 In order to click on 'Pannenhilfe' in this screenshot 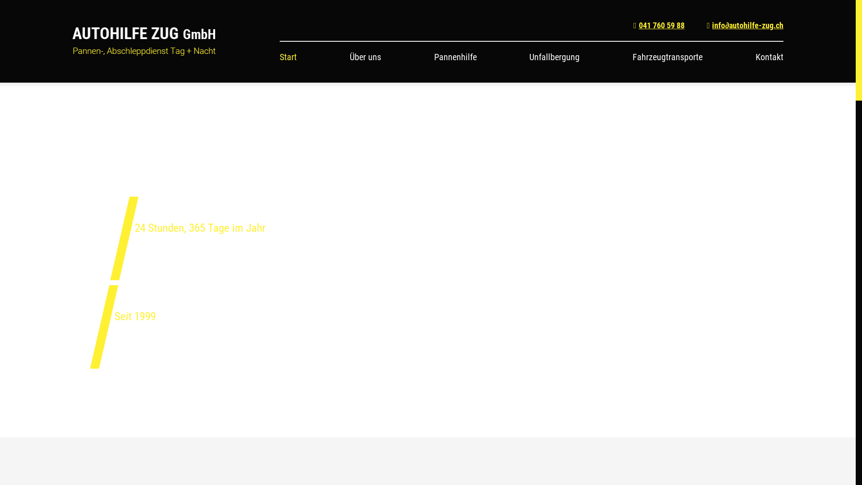, I will do `click(455, 57)`.